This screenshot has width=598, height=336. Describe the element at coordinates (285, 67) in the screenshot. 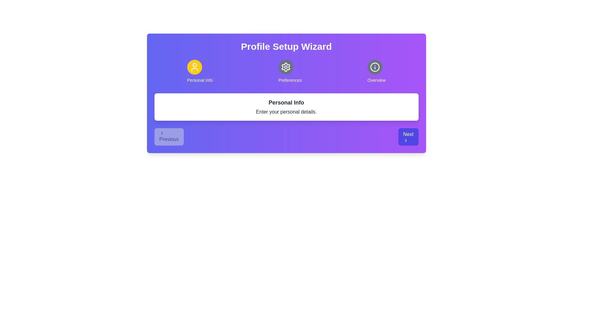

I see `the icon representing Preferences to explore its hover effects or tooltips` at that location.